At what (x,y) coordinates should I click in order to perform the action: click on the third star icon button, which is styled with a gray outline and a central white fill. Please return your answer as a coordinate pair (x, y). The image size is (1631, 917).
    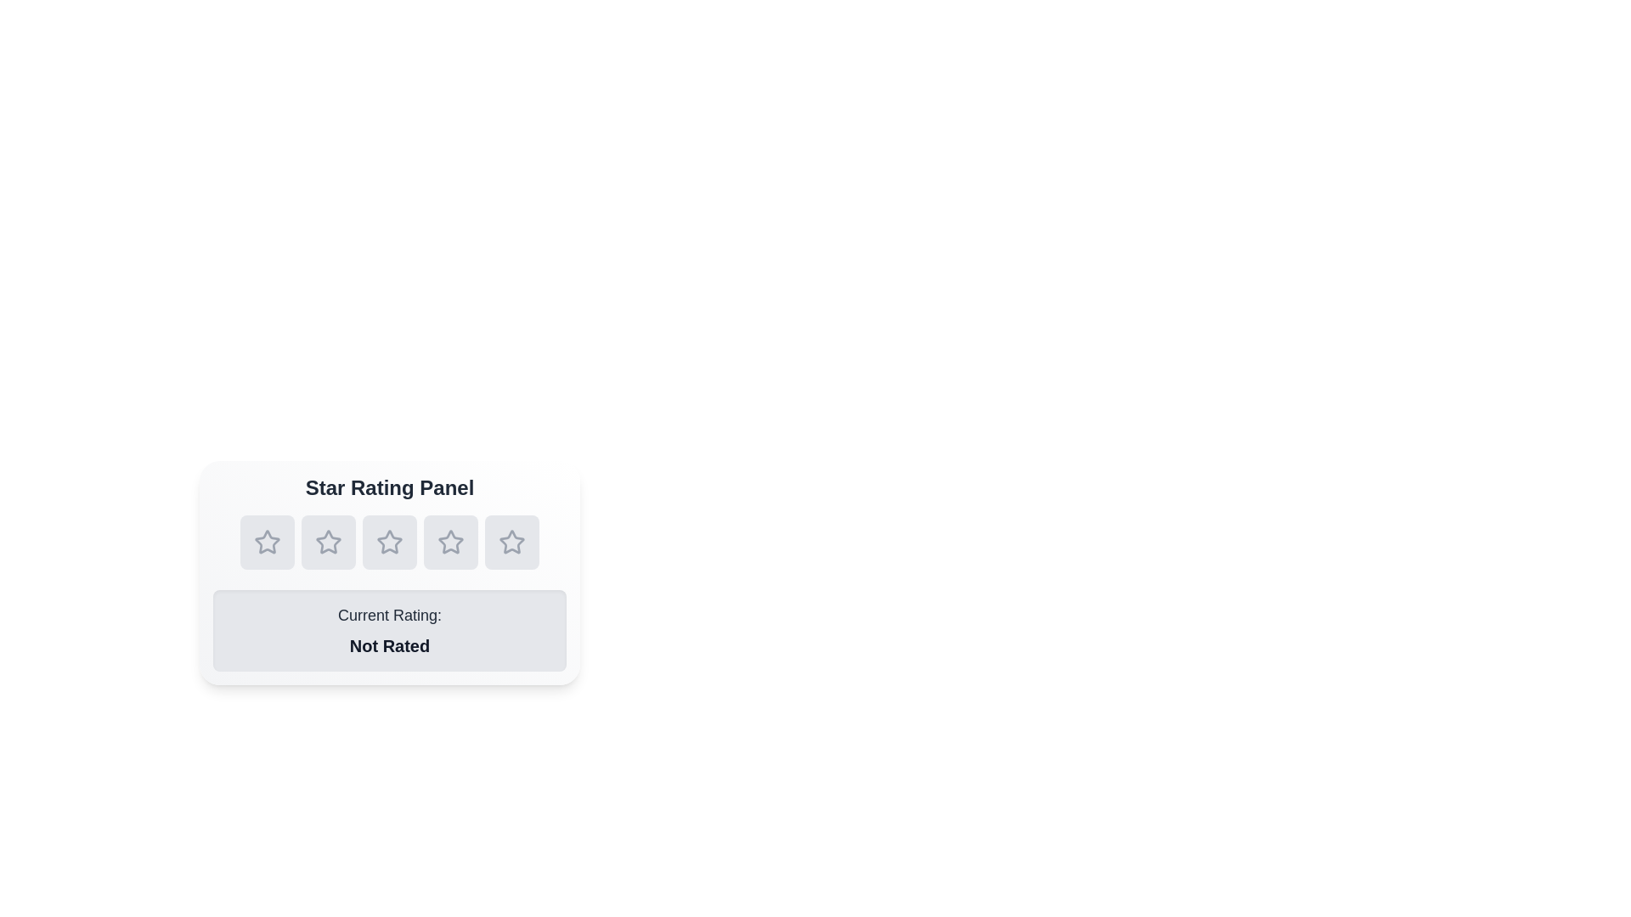
    Looking at the image, I should click on (451, 543).